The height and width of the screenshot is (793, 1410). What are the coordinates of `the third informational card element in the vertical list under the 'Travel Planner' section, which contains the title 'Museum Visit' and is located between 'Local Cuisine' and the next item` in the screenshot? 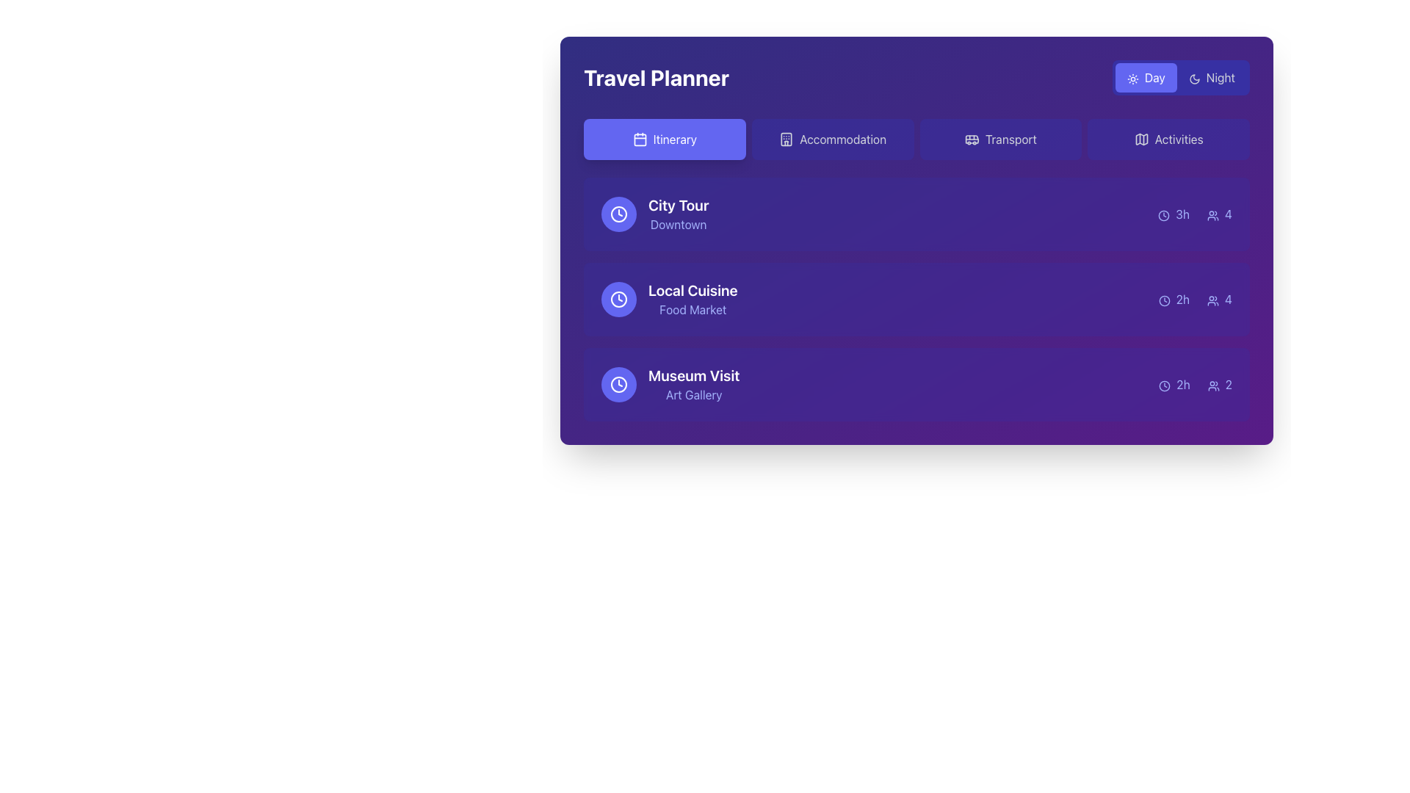 It's located at (916, 384).